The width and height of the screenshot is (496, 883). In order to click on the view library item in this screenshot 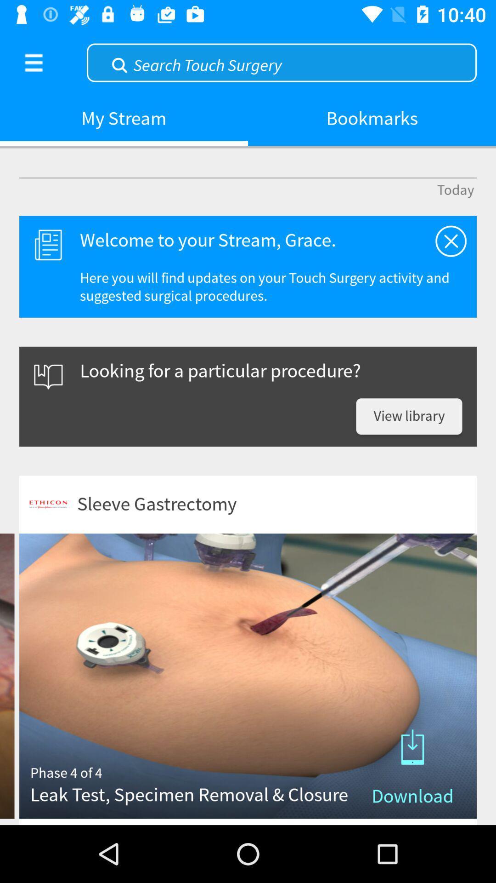, I will do `click(409, 416)`.